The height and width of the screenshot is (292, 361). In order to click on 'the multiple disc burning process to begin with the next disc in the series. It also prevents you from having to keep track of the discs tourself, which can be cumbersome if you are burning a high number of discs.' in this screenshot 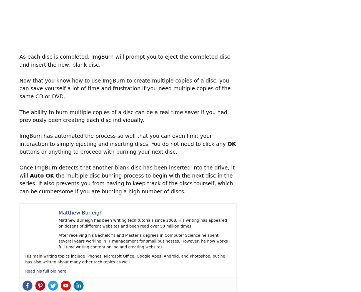, I will do `click(126, 183)`.